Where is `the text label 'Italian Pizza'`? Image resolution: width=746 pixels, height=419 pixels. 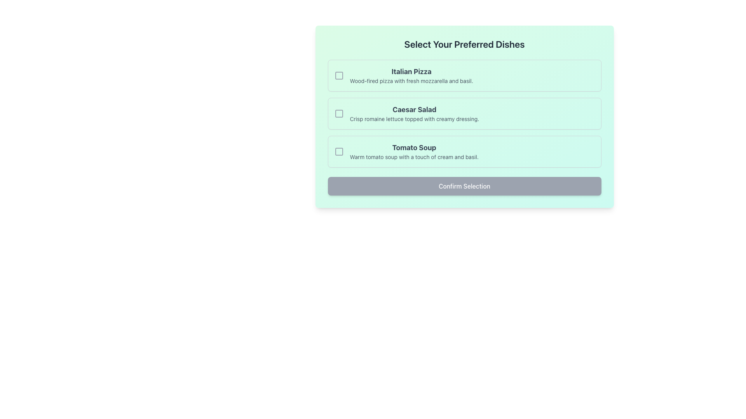 the text label 'Italian Pizza' is located at coordinates (411, 72).